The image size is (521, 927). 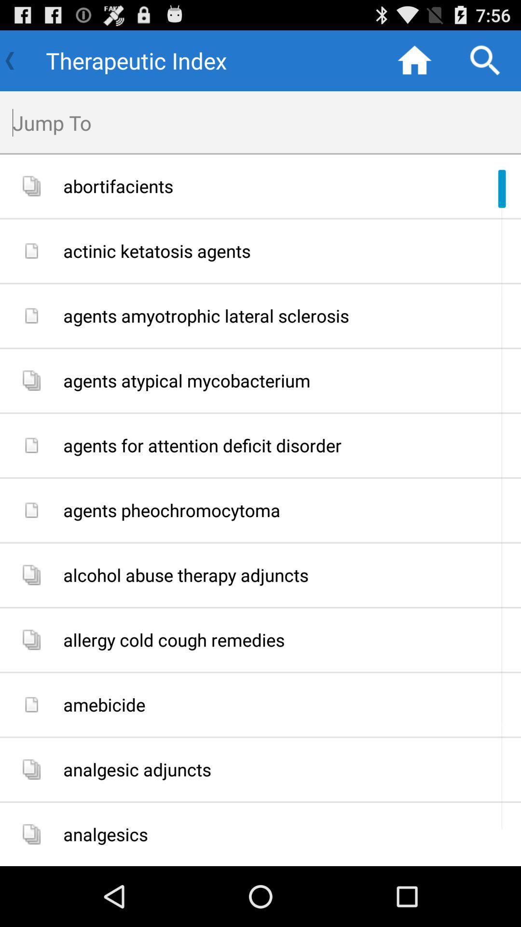 I want to click on item above agents pheochromocytoma icon, so click(x=288, y=445).